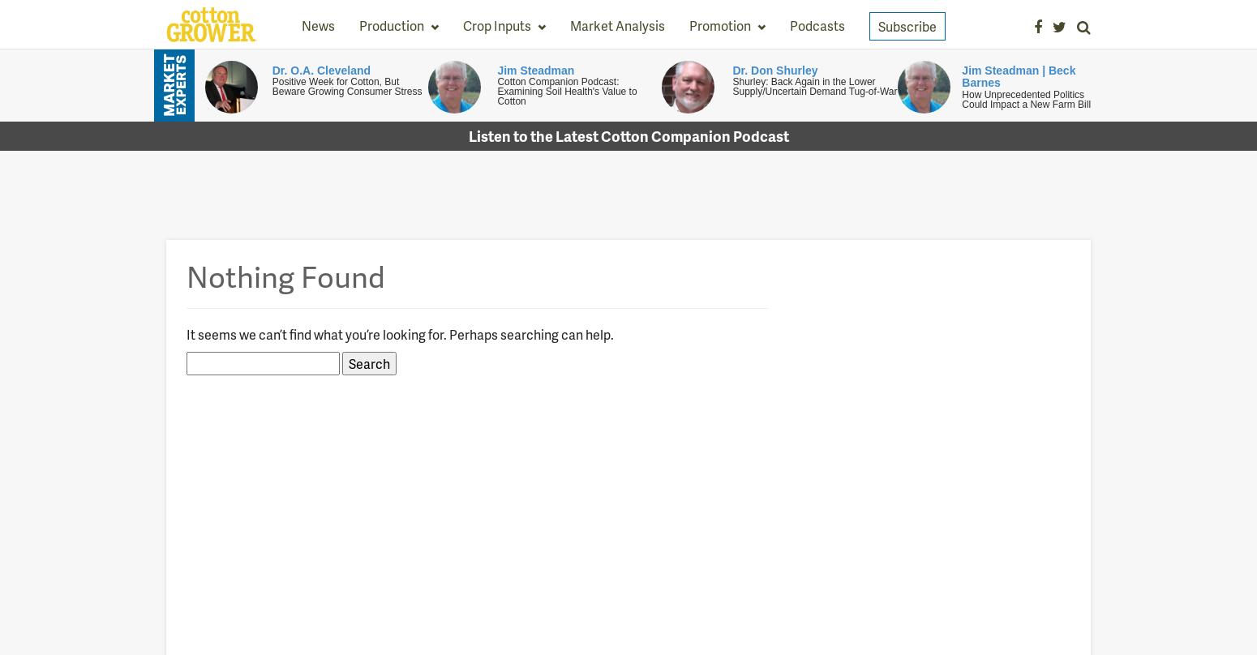  What do you see at coordinates (346, 85) in the screenshot?
I see `'Positive Week for Cotton, But Beware Growing Consumer Stress'` at bounding box center [346, 85].